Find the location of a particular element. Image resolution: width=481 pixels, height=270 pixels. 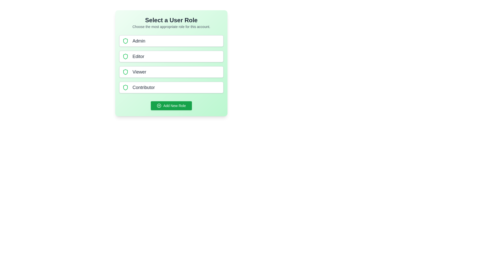

the icon next to the role Admin for examination is located at coordinates (125, 41).